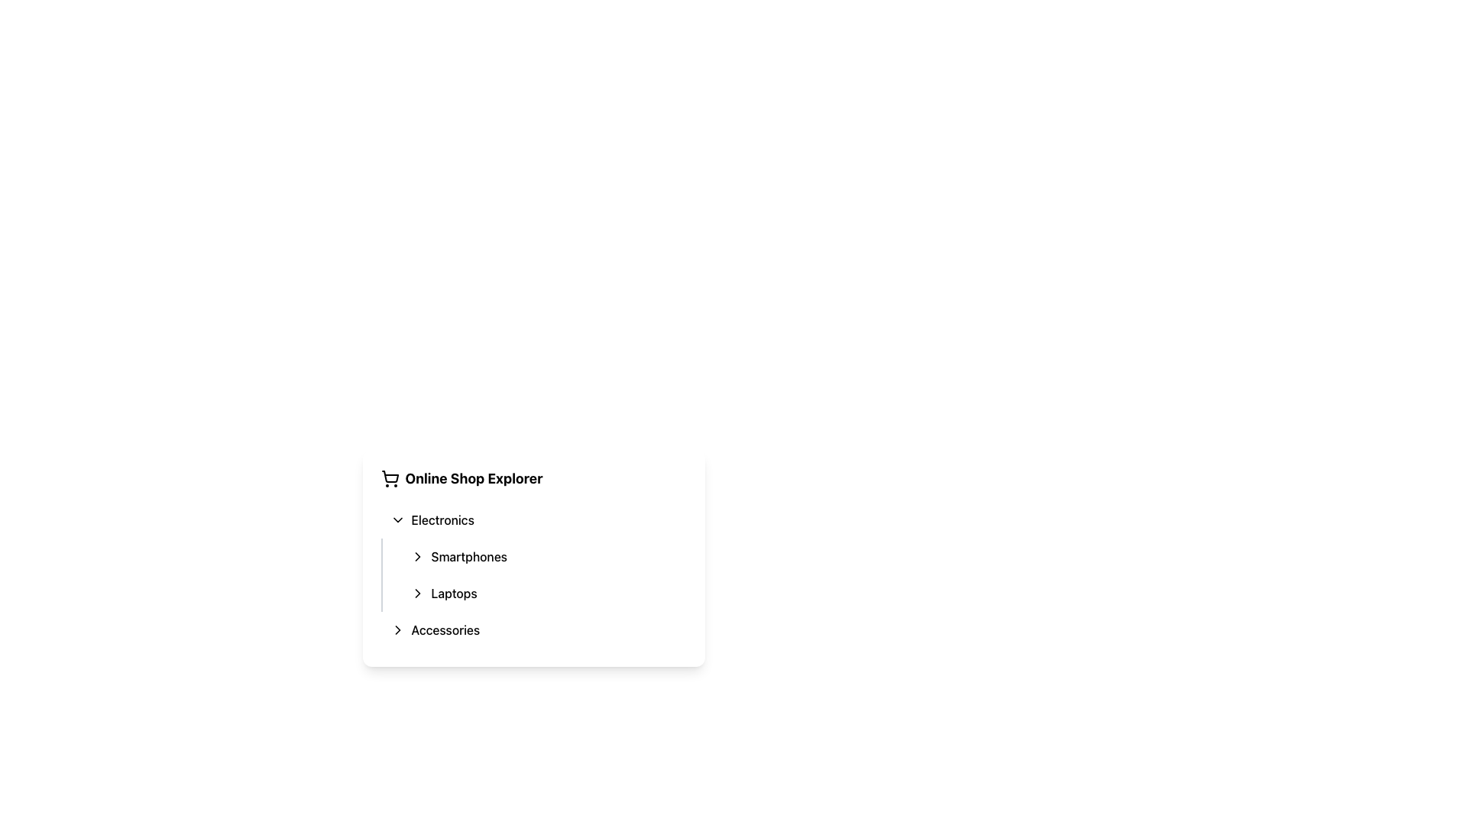 The width and height of the screenshot is (1467, 825). Describe the element at coordinates (453, 592) in the screenshot. I see `the 'Laptops' text label in the 'Electronics' category of the online shopping interface` at that location.